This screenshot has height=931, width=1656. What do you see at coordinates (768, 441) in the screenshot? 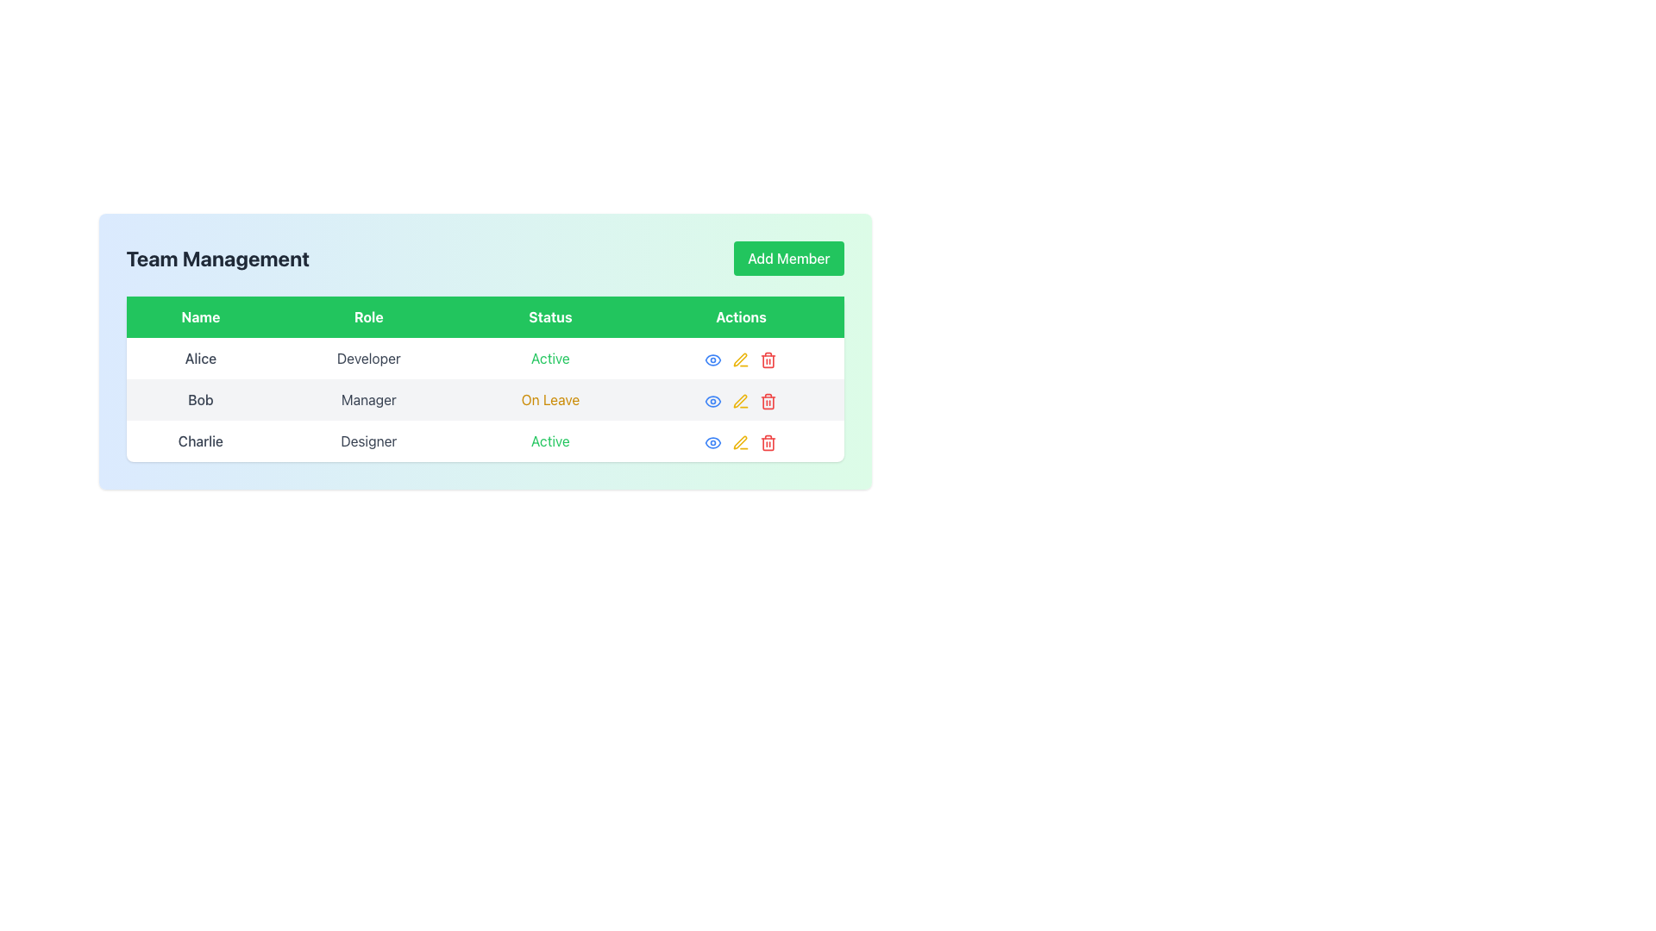
I see `the red trash icon button in the 'Actions' column of the last row associated with 'Charlie'` at bounding box center [768, 441].